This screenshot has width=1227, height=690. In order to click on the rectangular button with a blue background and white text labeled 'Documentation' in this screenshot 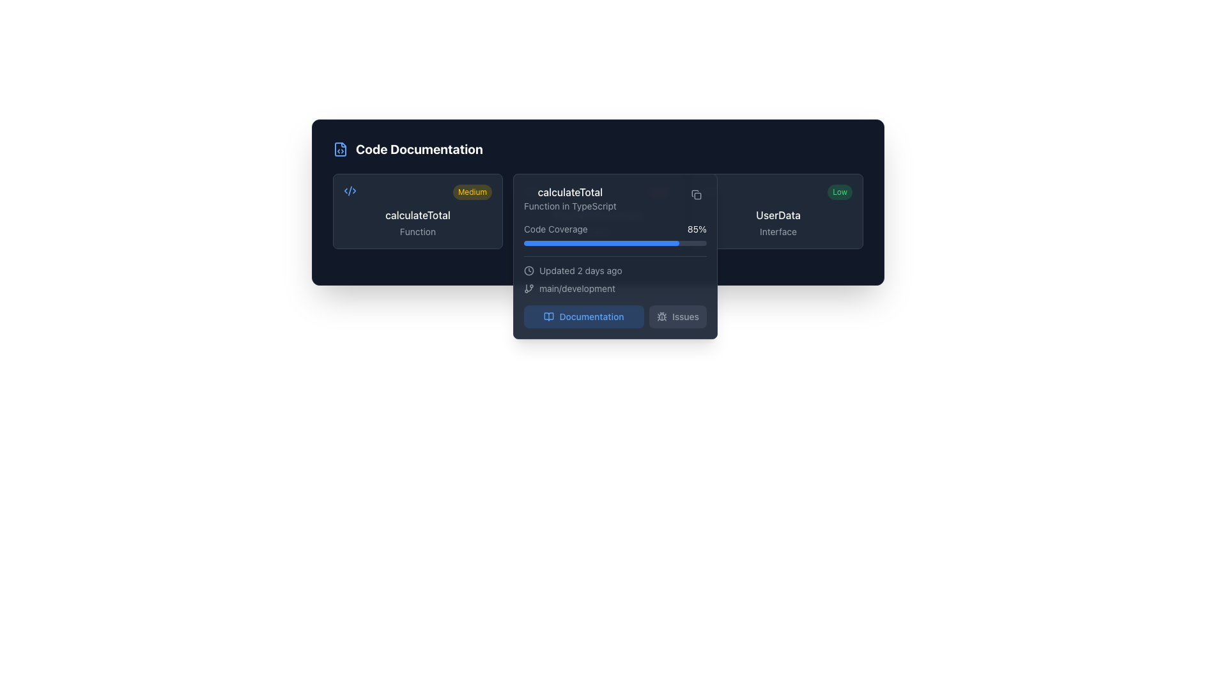, I will do `click(583, 316)`.